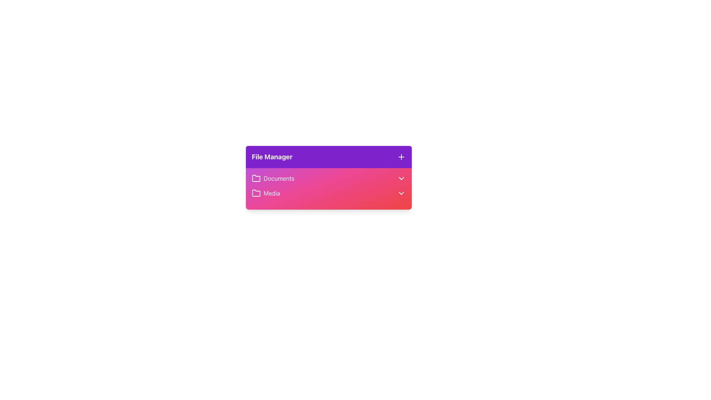 The image size is (711, 400). Describe the element at coordinates (256, 193) in the screenshot. I see `the 'Media' icon located in the second row of the 'File Manager' card, positioned to the left of the 'Media' text and an arrow dropdown icon` at that location.